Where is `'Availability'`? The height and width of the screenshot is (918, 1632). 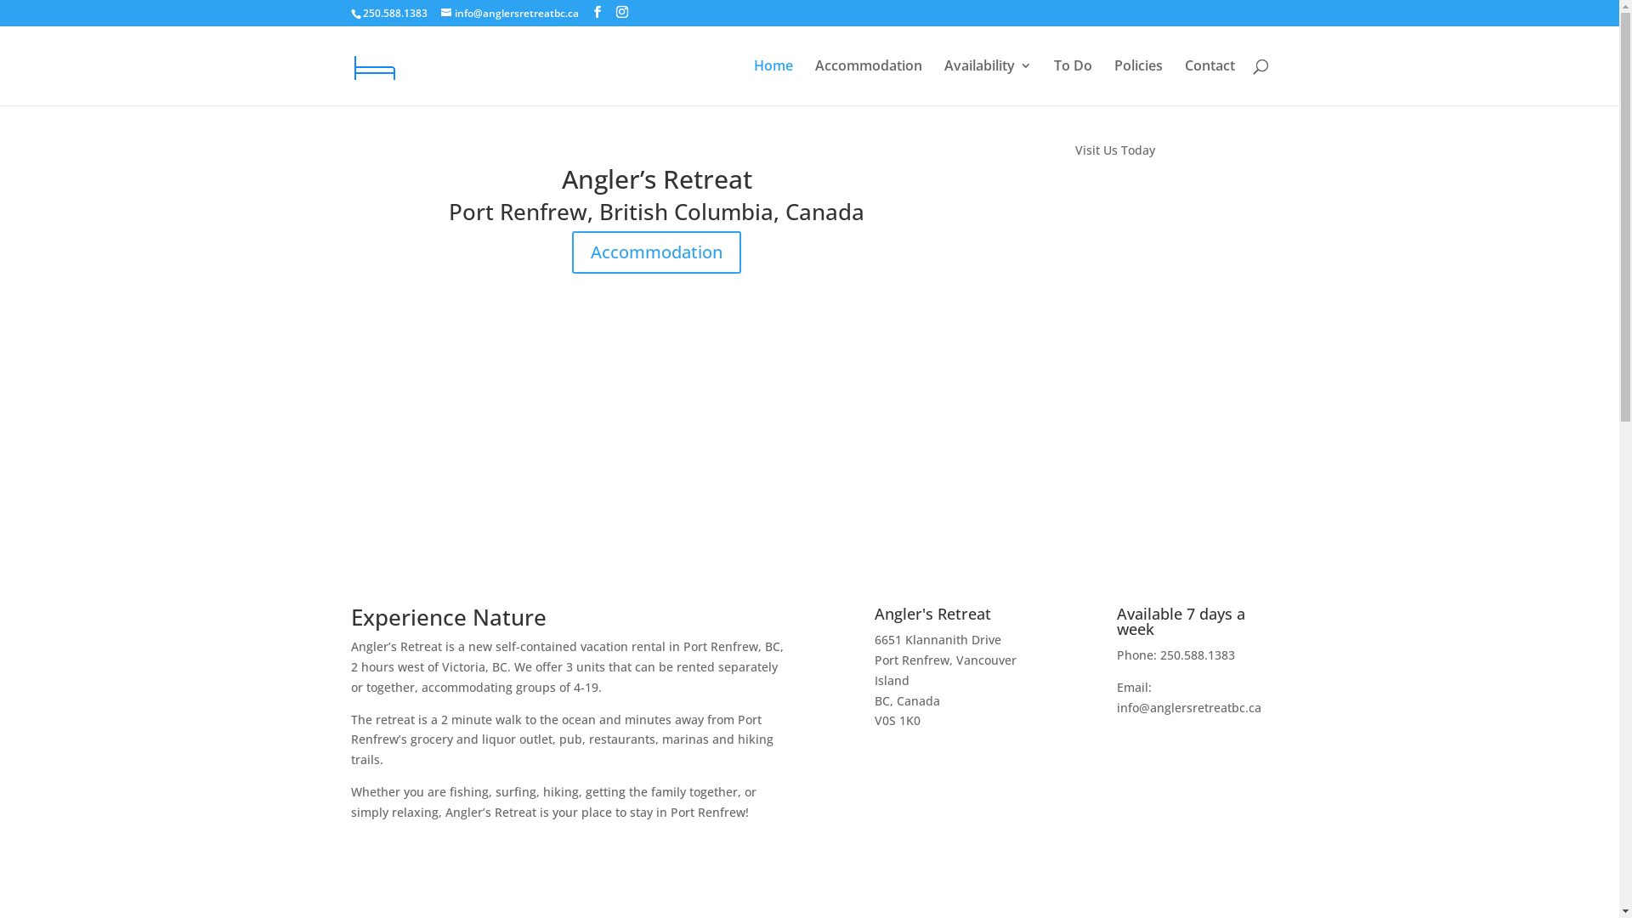
'Availability' is located at coordinates (987, 82).